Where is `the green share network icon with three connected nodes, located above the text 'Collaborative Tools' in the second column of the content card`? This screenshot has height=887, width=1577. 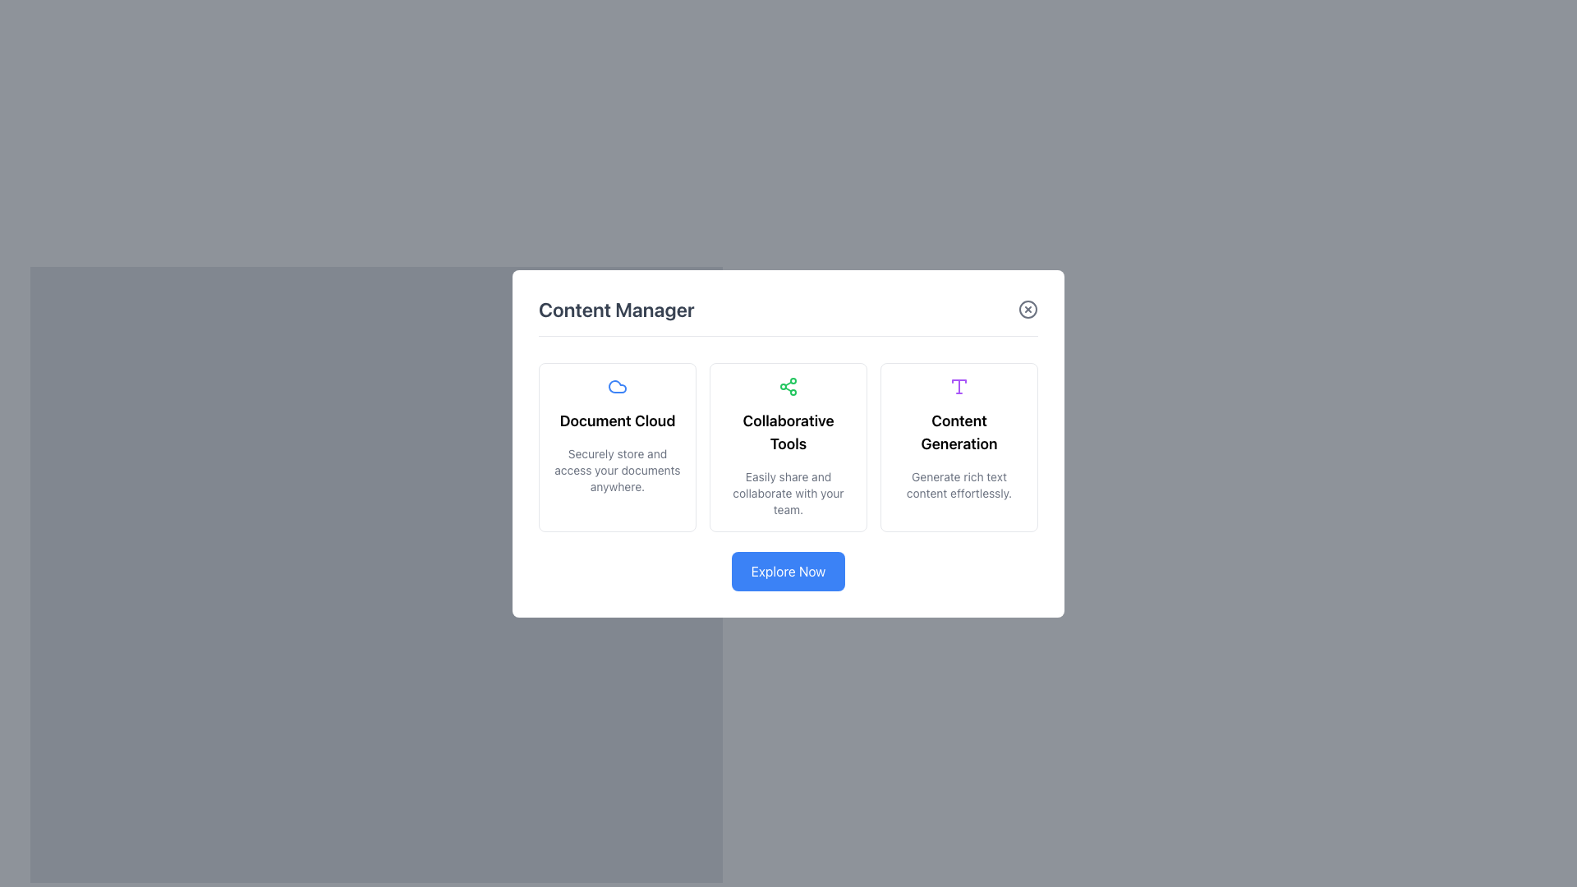
the green share network icon with three connected nodes, located above the text 'Collaborative Tools' in the second column of the content card is located at coordinates (788, 386).